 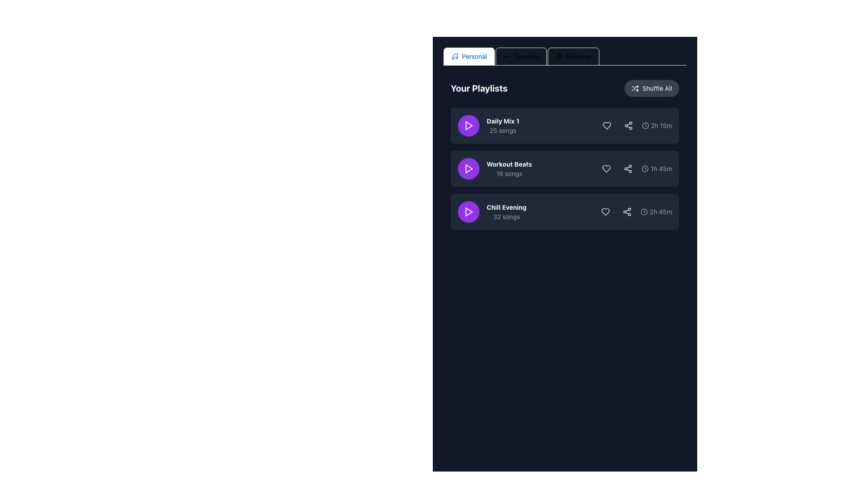 What do you see at coordinates (607, 126) in the screenshot?
I see `the heart icon button in the 'Daily Mix 1' playlist card` at bounding box center [607, 126].